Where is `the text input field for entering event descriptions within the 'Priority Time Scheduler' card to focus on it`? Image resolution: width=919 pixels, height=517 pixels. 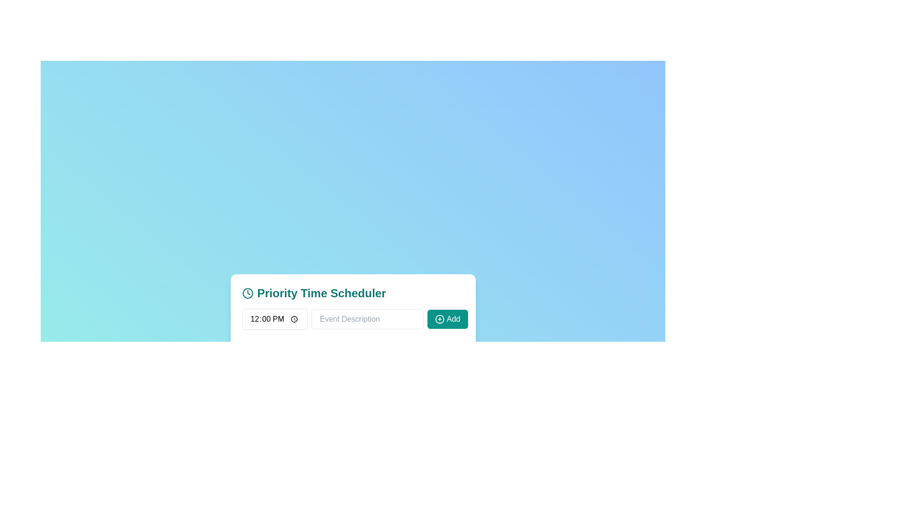
the text input field for entering event descriptions within the 'Priority Time Scheduler' card to focus on it is located at coordinates (352, 319).